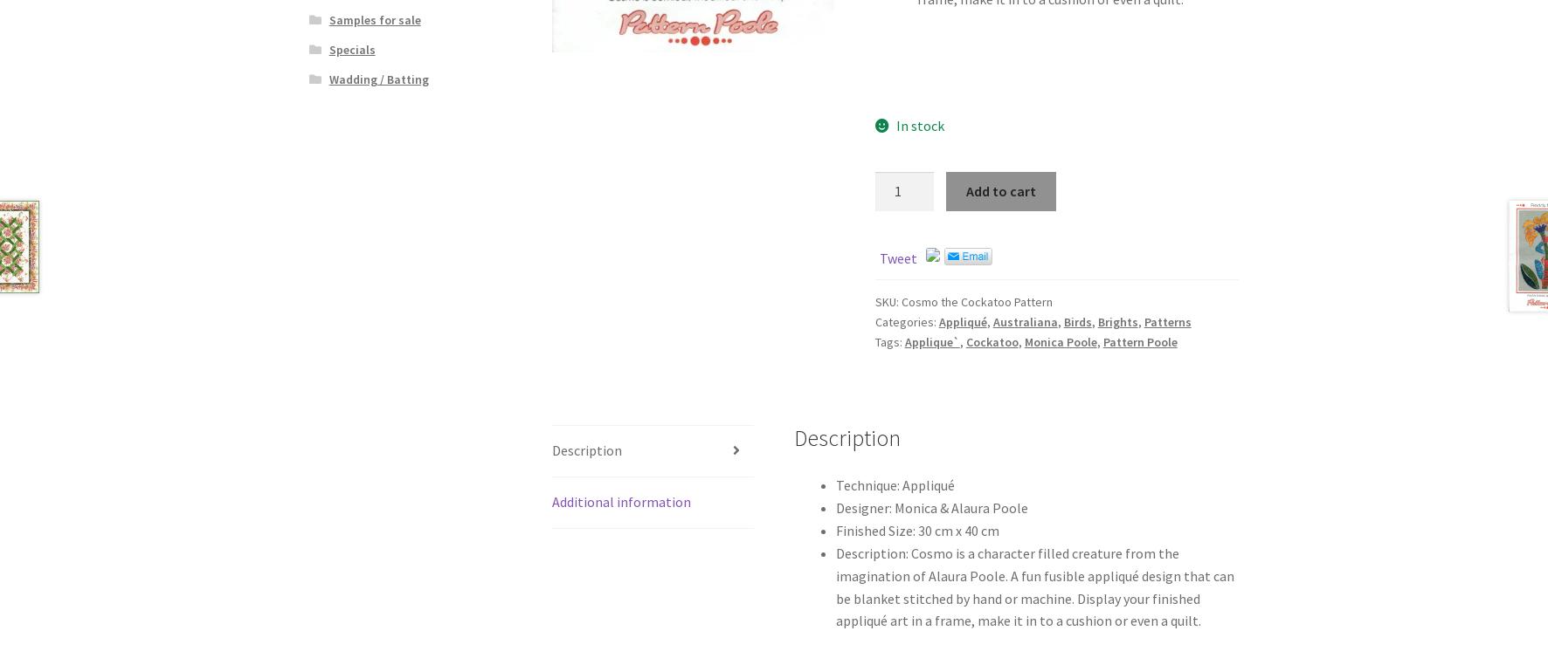 Image resolution: width=1548 pixels, height=672 pixels. Describe the element at coordinates (966, 189) in the screenshot. I see `'Add to cart'` at that location.